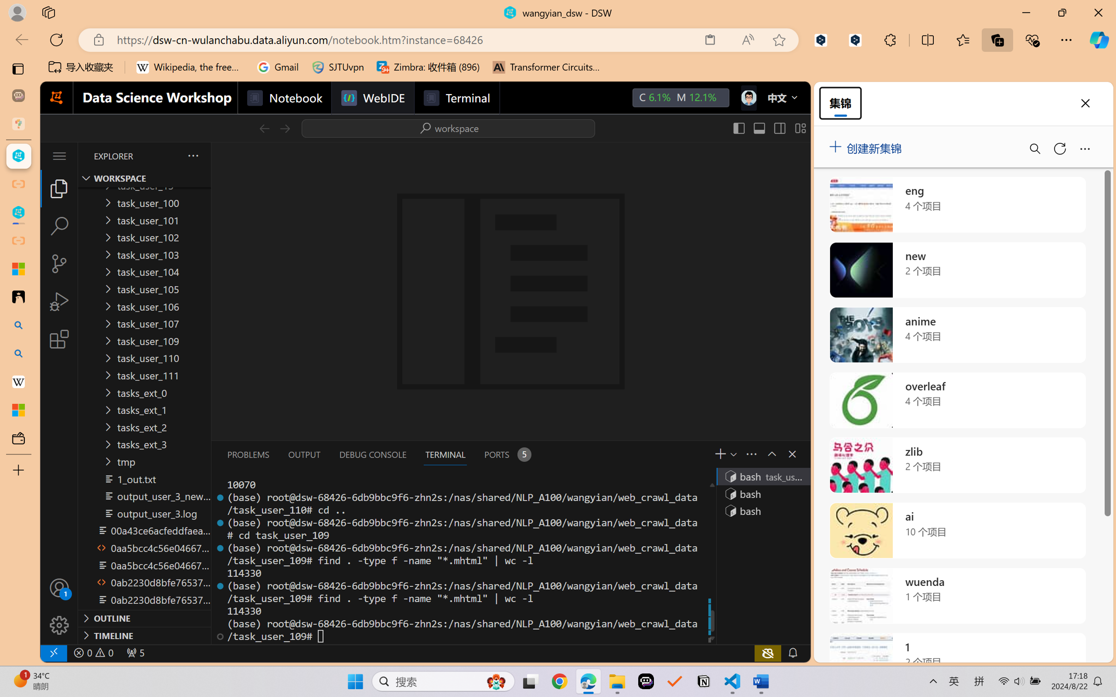 The image size is (1116, 697). I want to click on 'Forwarded Ports: 36301, 47065, 38781, 45817, 50331', so click(134, 652).